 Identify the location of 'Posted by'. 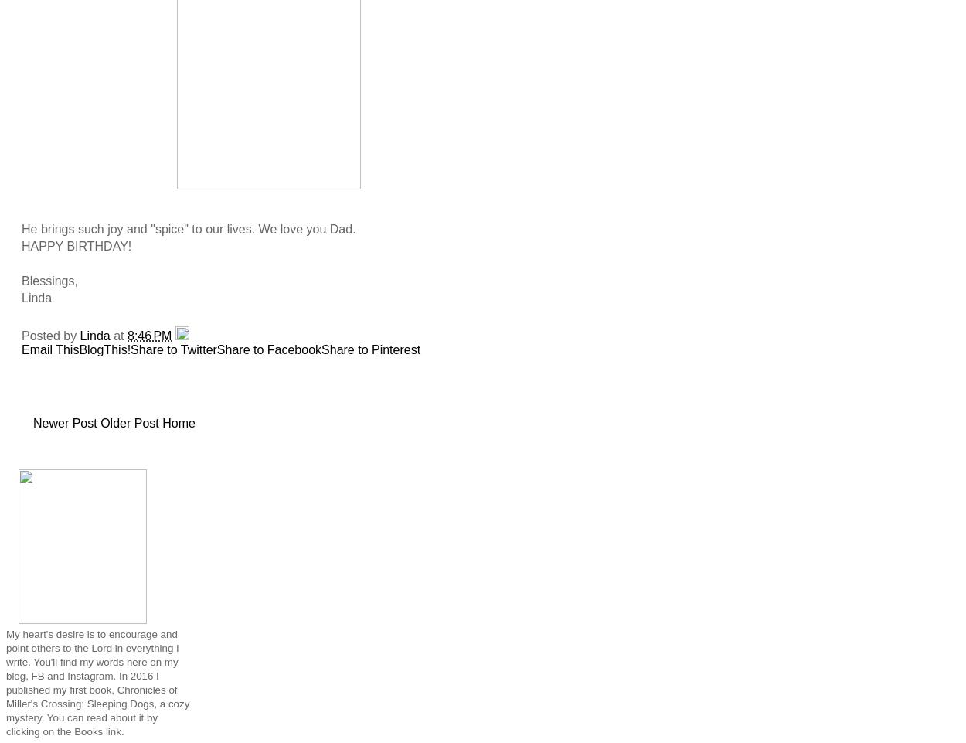
(49, 334).